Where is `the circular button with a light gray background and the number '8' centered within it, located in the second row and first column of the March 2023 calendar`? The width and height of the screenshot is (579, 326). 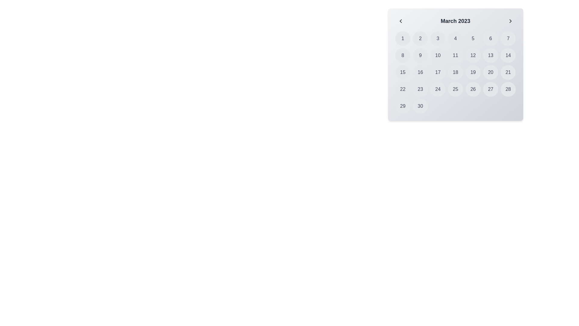 the circular button with a light gray background and the number '8' centered within it, located in the second row and first column of the March 2023 calendar is located at coordinates (403, 56).